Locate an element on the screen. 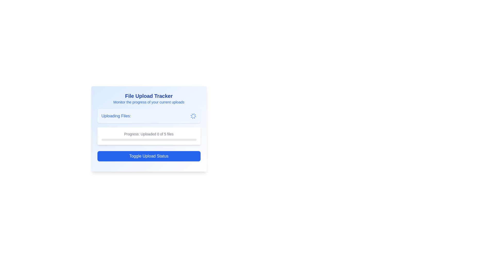  the Progress Indicator with Text Description, which shows the upload status and is positioned below 'Uploading Files:' and above 'Toggle Upload Status.' is located at coordinates (148, 136).